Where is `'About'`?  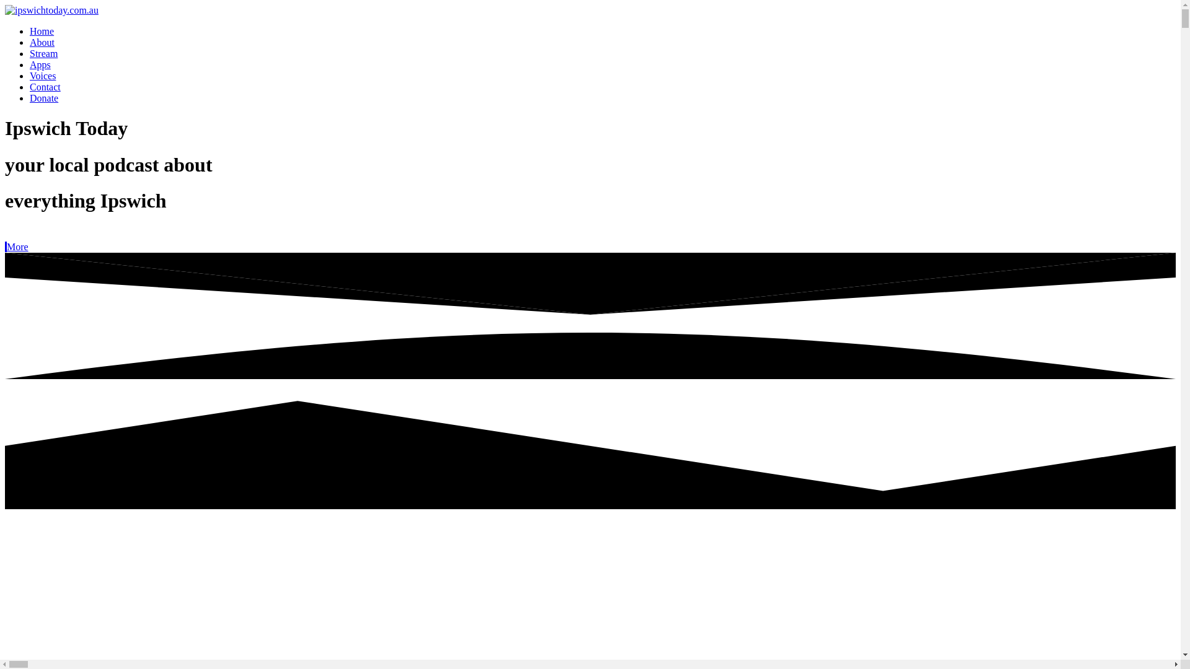
'About' is located at coordinates (42, 42).